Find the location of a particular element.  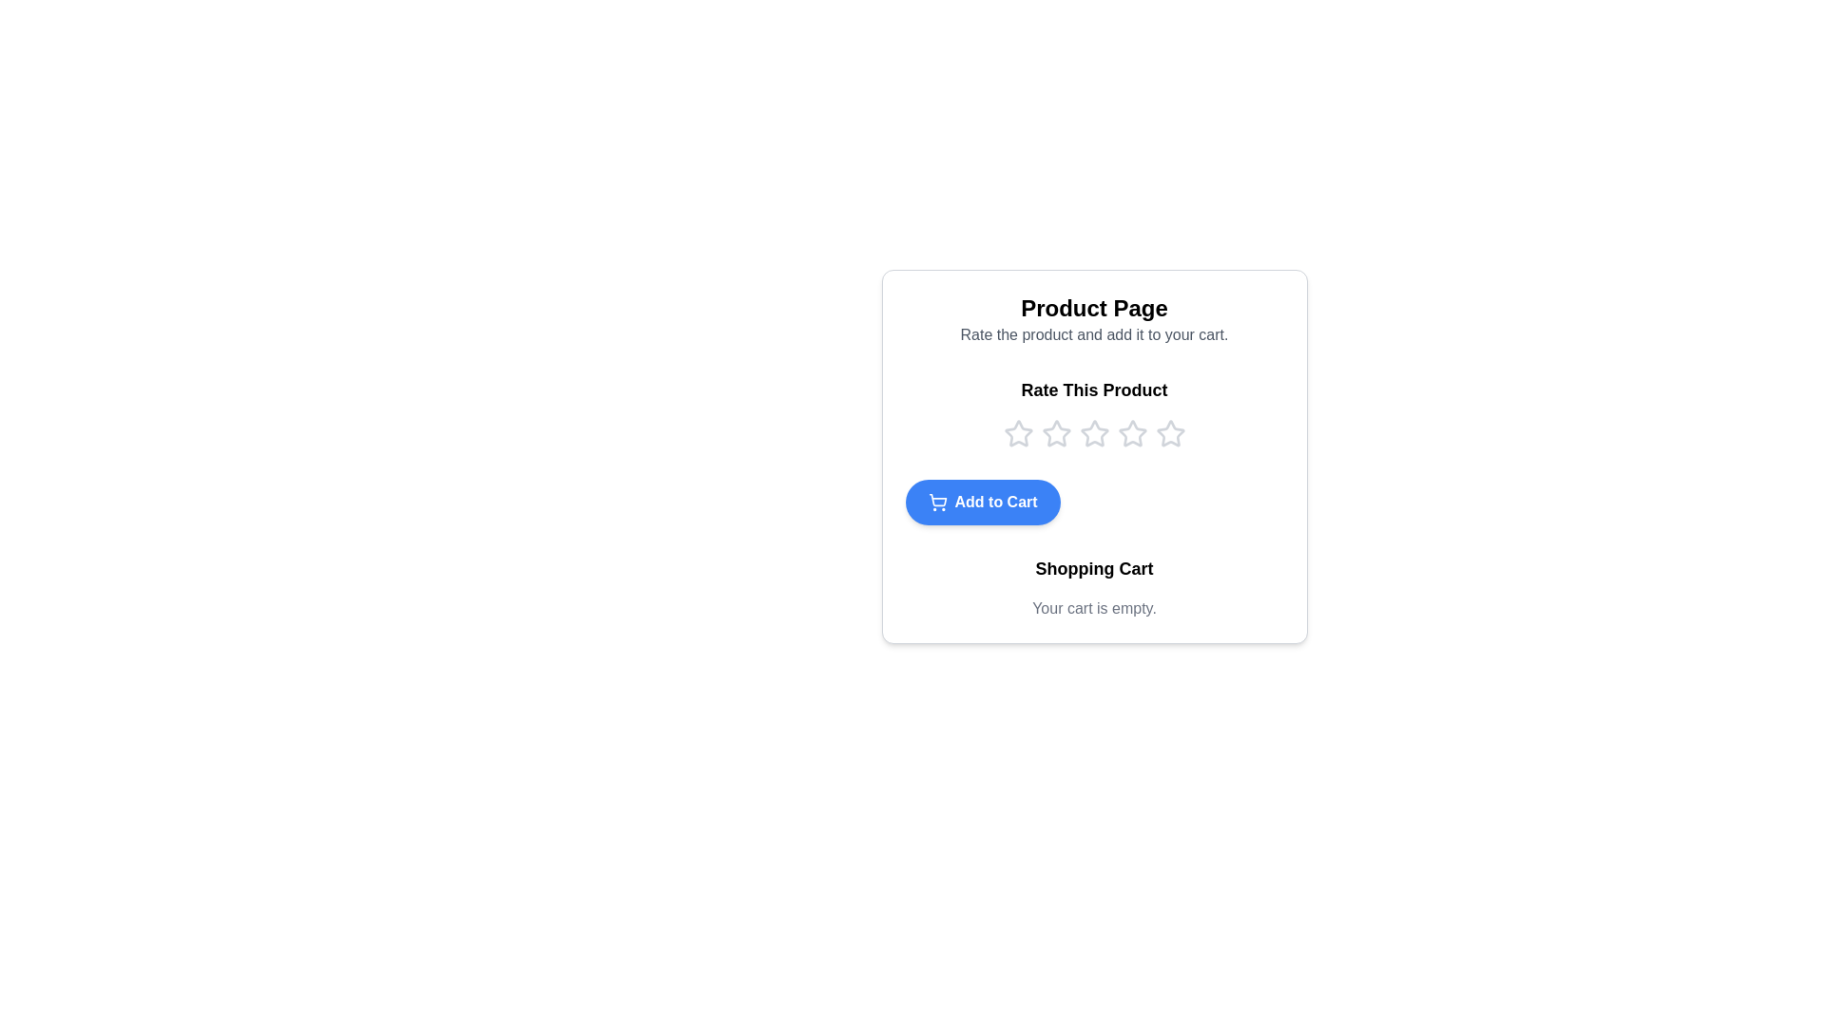

the 'Add to Cart' button, which includes a shopping cart icon positioned to the left of the text 'Add to Cart' is located at coordinates (937, 501).